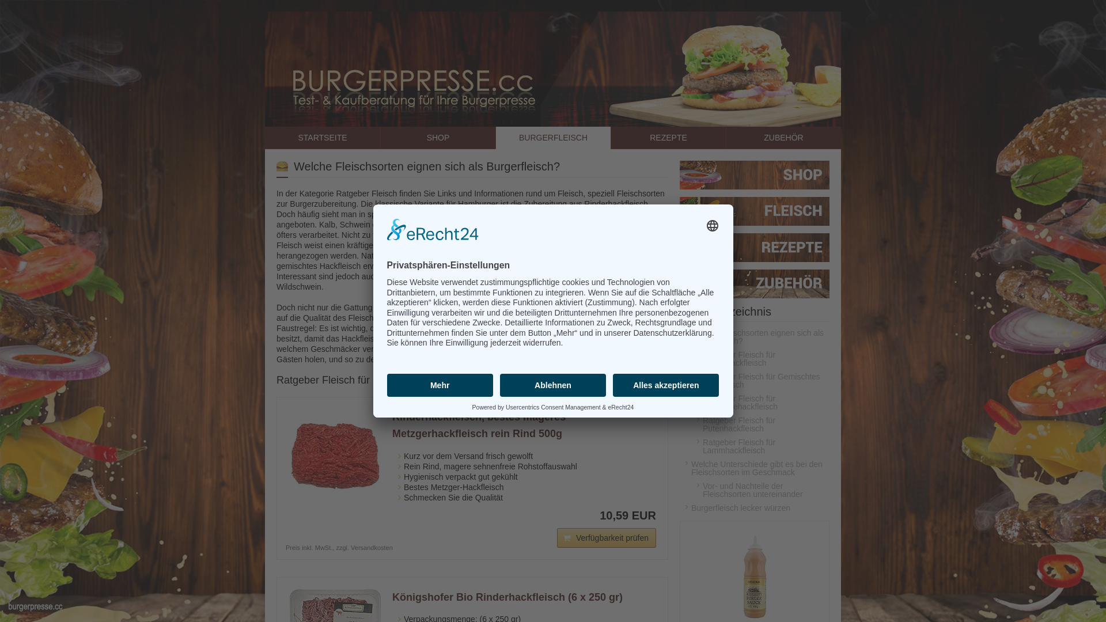  What do you see at coordinates (437, 137) in the screenshot?
I see `'SHOP'` at bounding box center [437, 137].